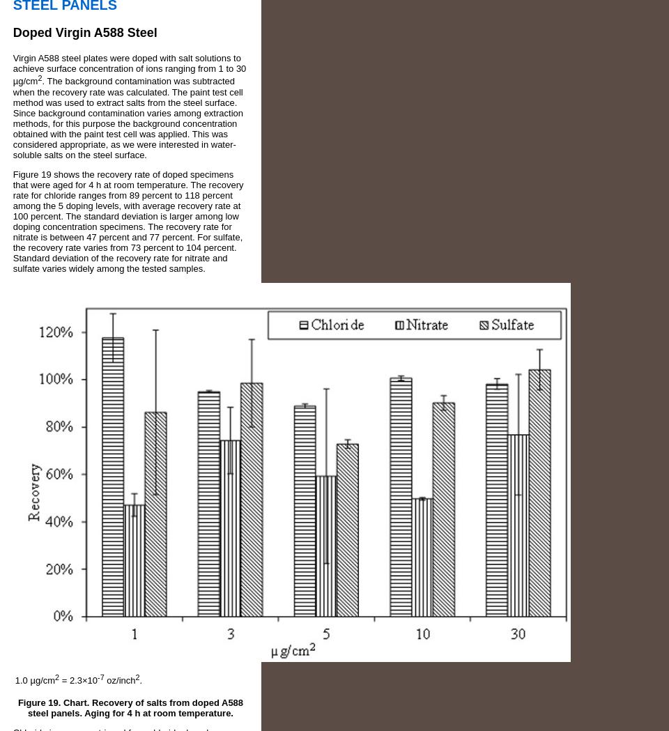 The width and height of the screenshot is (669, 731). What do you see at coordinates (140, 679) in the screenshot?
I see `'.'` at bounding box center [140, 679].